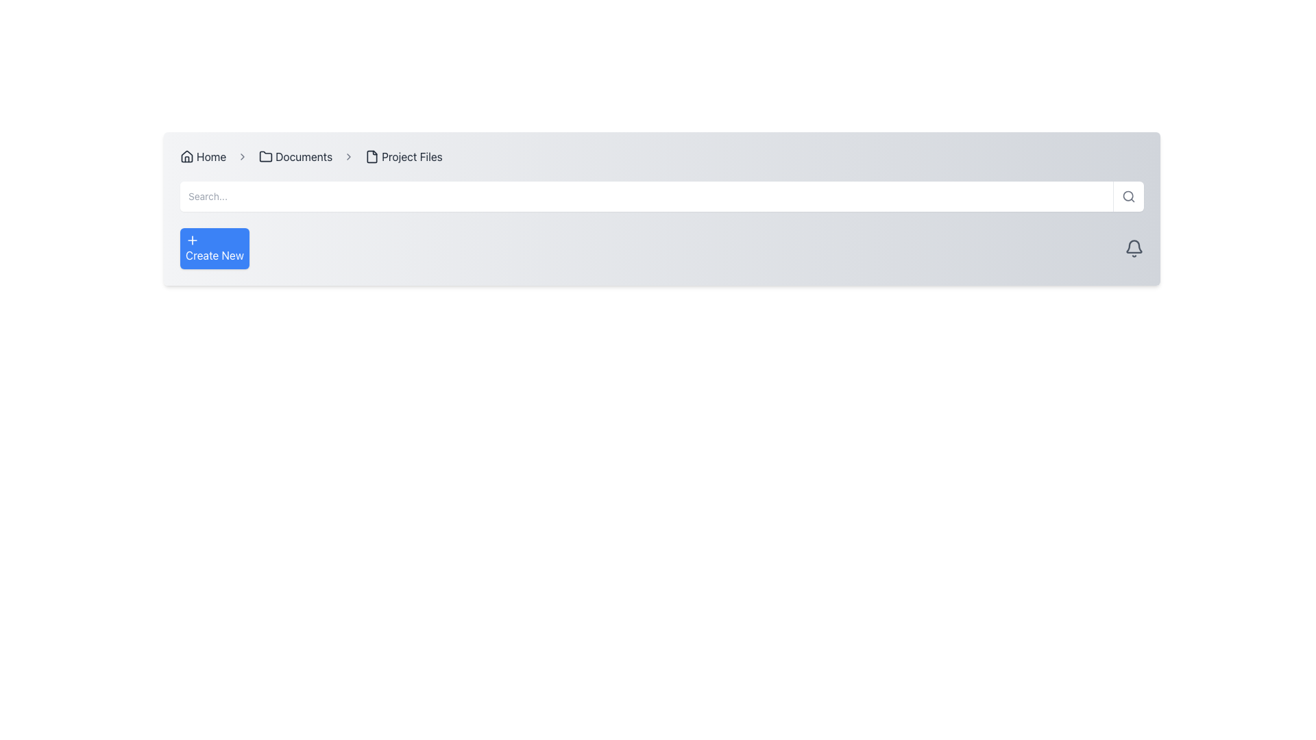 This screenshot has width=1316, height=740. What do you see at coordinates (202, 156) in the screenshot?
I see `the 'Home' link in the breadcrumb navigation bar` at bounding box center [202, 156].